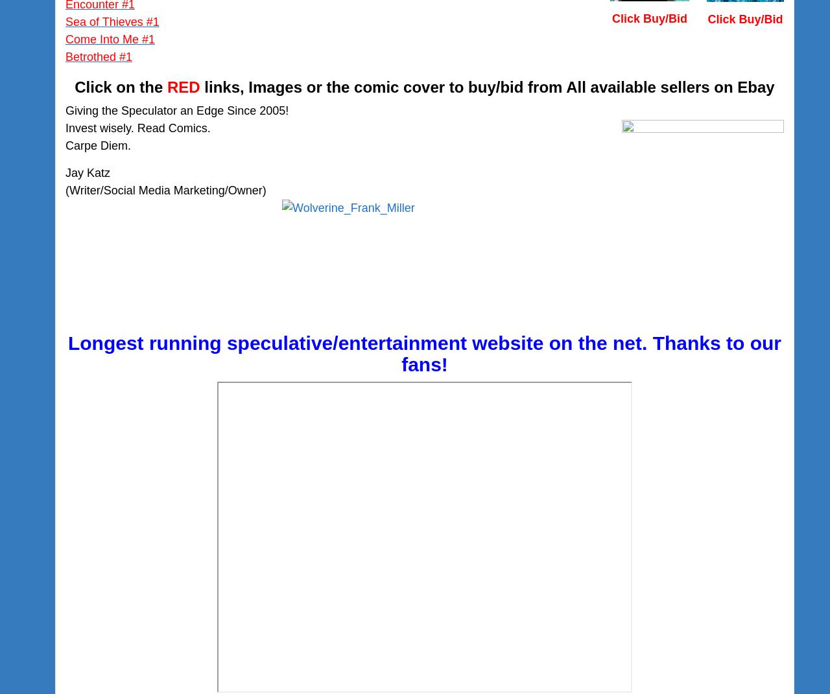 This screenshot has width=830, height=694. I want to click on 'Carpe Diem.', so click(97, 145).